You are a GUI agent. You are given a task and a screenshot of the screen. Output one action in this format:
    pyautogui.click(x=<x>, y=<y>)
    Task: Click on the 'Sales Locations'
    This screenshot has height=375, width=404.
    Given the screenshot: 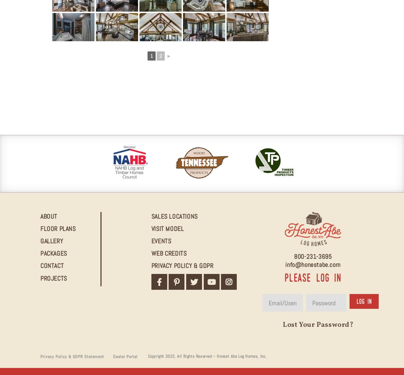 What is the action you would take?
    pyautogui.click(x=174, y=216)
    